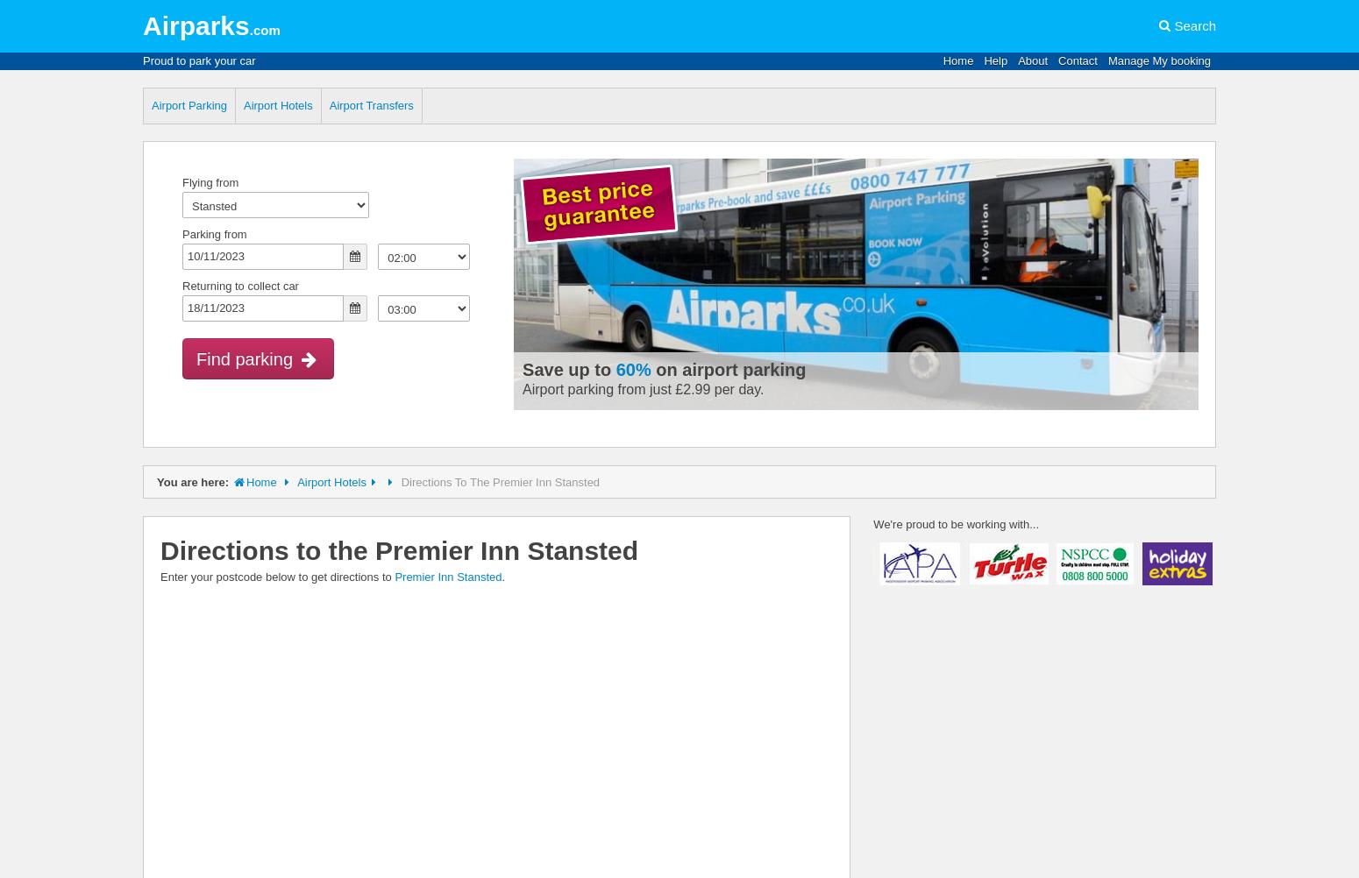  I want to click on '60%', so click(632, 369).